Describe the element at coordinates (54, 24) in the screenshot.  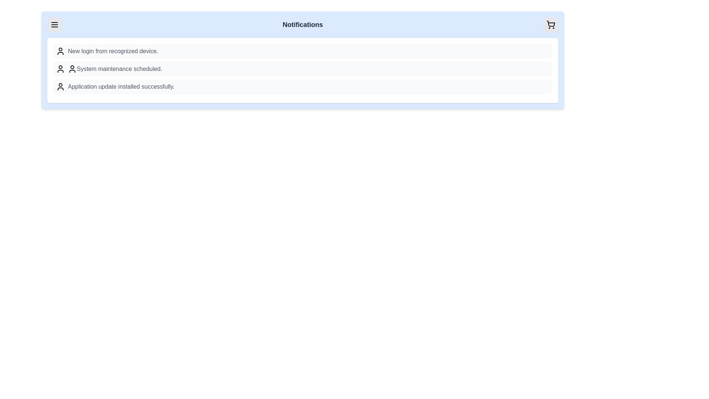
I see `the vertical menu icon composed of three horizontally aligned lines` at that location.